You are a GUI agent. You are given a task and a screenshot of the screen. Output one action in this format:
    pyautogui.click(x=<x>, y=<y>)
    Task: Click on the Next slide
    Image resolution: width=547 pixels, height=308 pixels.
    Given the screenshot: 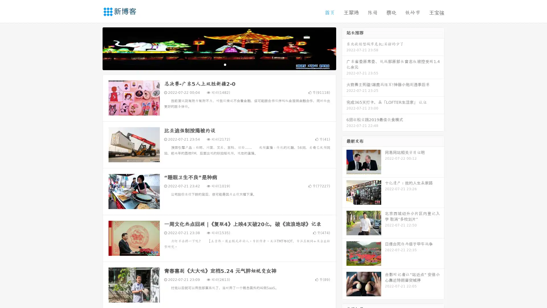 What is the action you would take?
    pyautogui.click(x=344, y=48)
    